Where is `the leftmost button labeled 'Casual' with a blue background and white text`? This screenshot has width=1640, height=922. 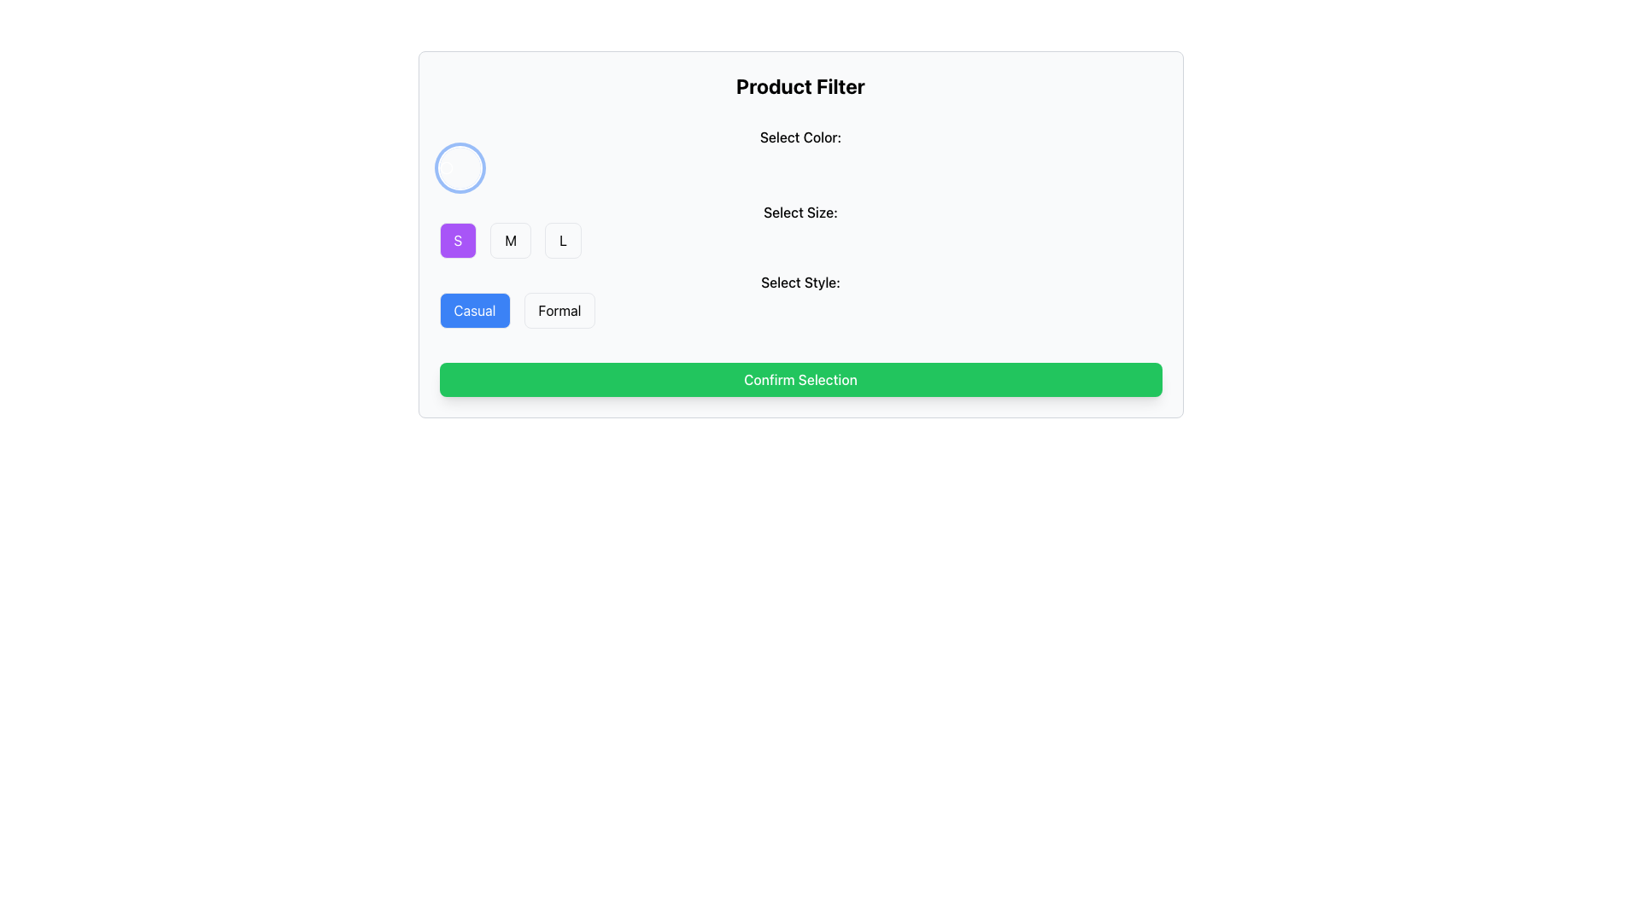 the leftmost button labeled 'Casual' with a blue background and white text is located at coordinates (475, 310).